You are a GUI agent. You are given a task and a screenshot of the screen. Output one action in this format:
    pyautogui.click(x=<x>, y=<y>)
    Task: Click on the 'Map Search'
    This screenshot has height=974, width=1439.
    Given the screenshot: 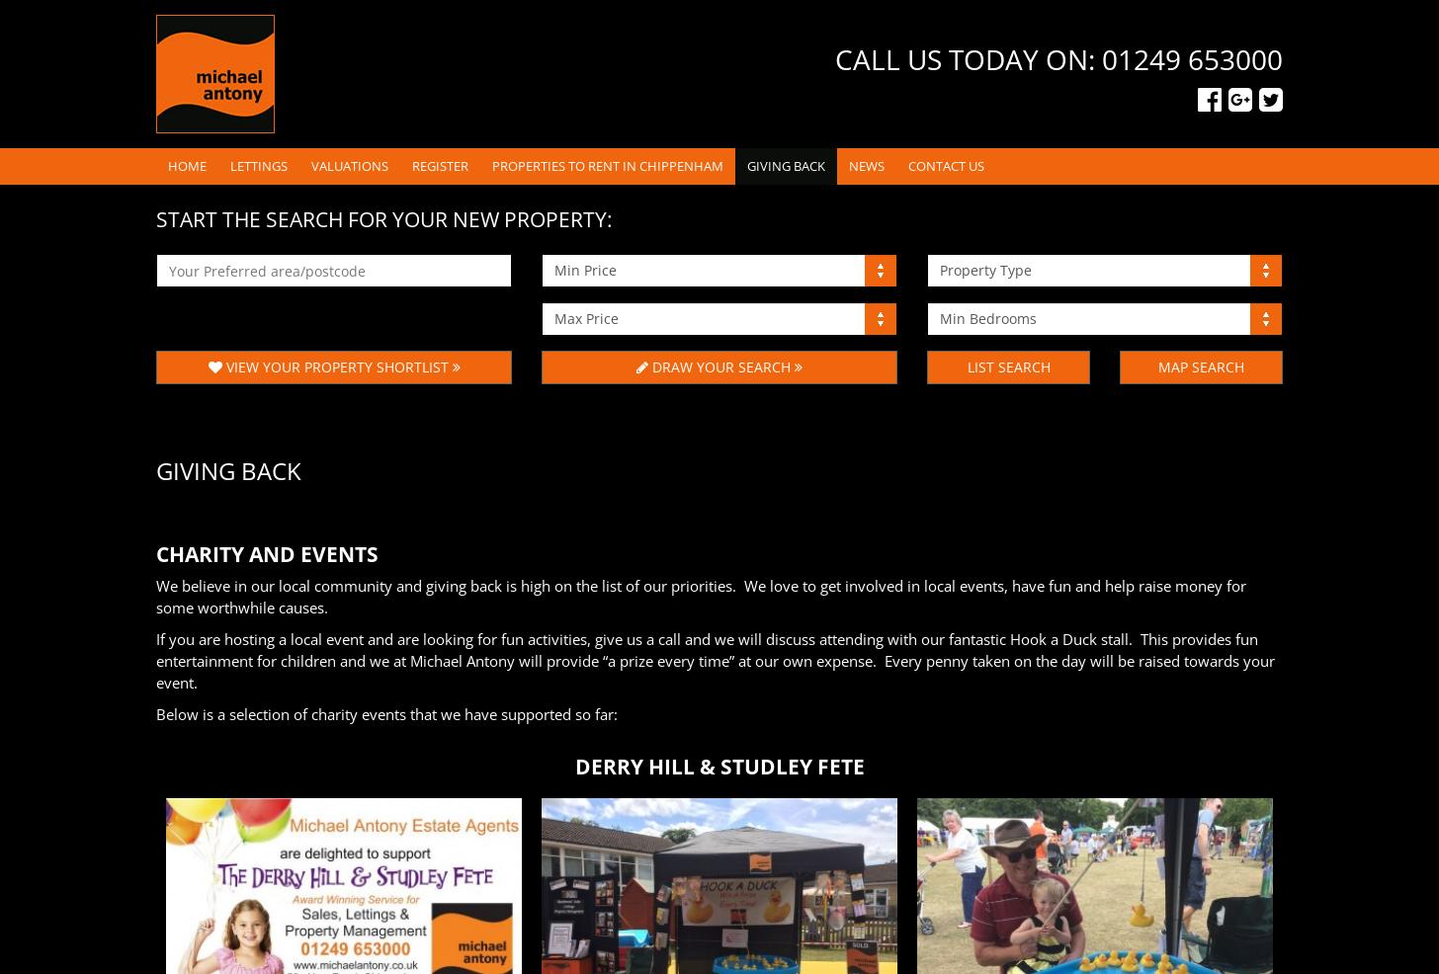 What is the action you would take?
    pyautogui.click(x=1157, y=365)
    